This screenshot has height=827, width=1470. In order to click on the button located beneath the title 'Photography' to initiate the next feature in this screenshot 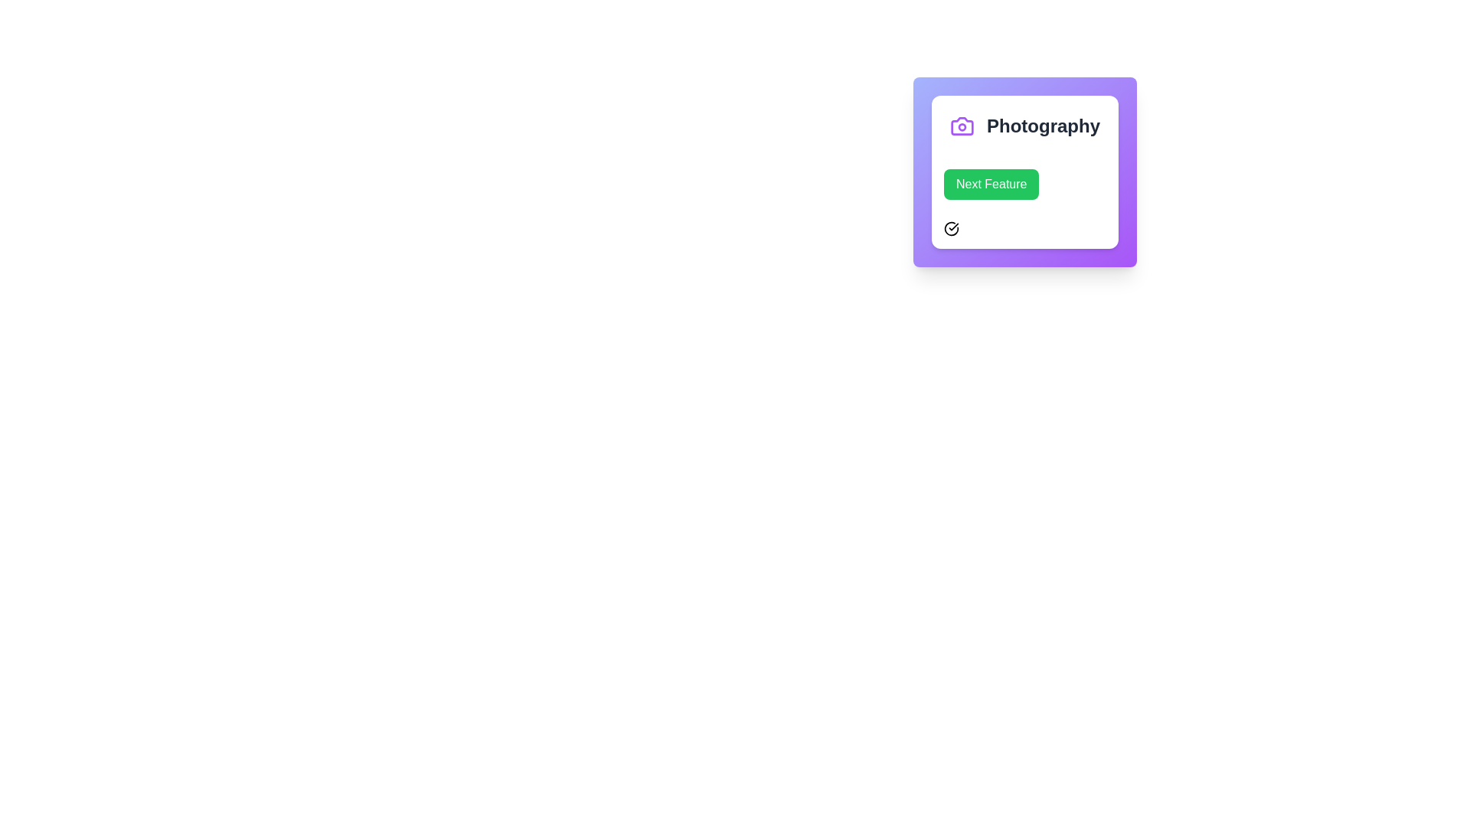, I will do `click(1025, 202)`.